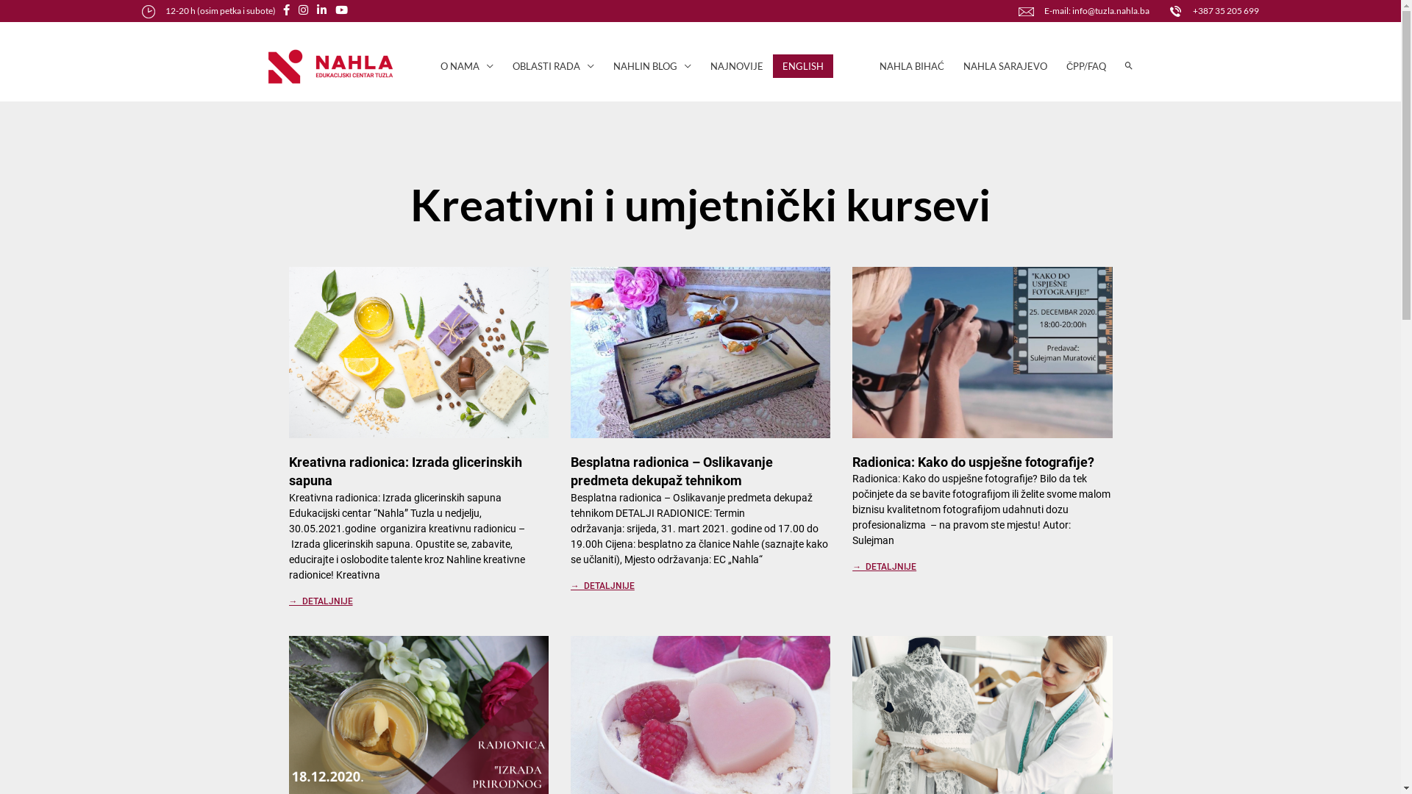 This screenshot has height=794, width=1412. Describe the element at coordinates (700, 66) in the screenshot. I see `'NAJNOVIJE'` at that location.